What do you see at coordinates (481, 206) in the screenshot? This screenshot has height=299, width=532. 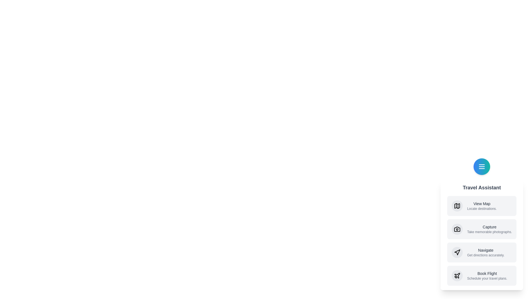 I see `the 'View Map' option in the Travel Assistant menu` at bounding box center [481, 206].